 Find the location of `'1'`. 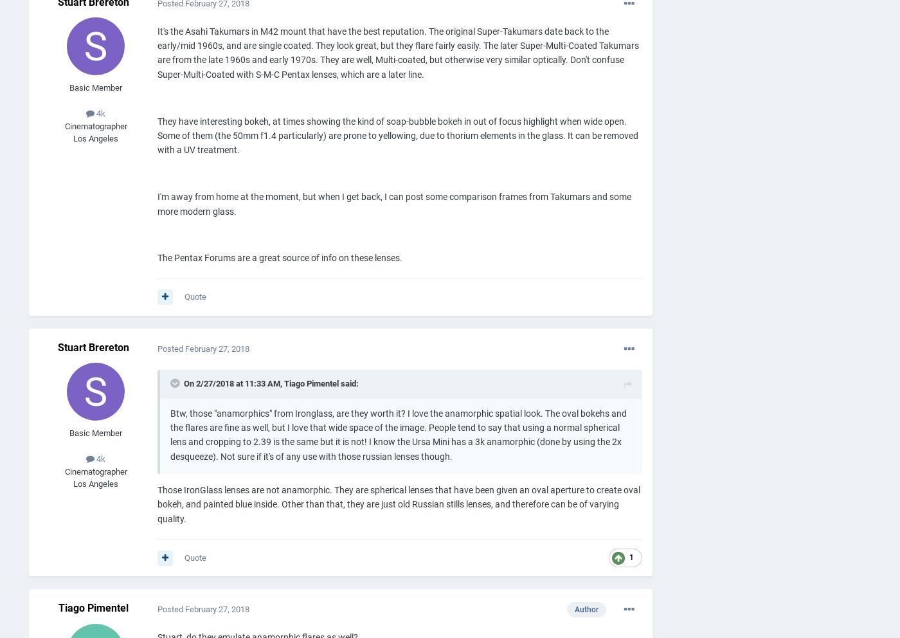

'1' is located at coordinates (631, 557).